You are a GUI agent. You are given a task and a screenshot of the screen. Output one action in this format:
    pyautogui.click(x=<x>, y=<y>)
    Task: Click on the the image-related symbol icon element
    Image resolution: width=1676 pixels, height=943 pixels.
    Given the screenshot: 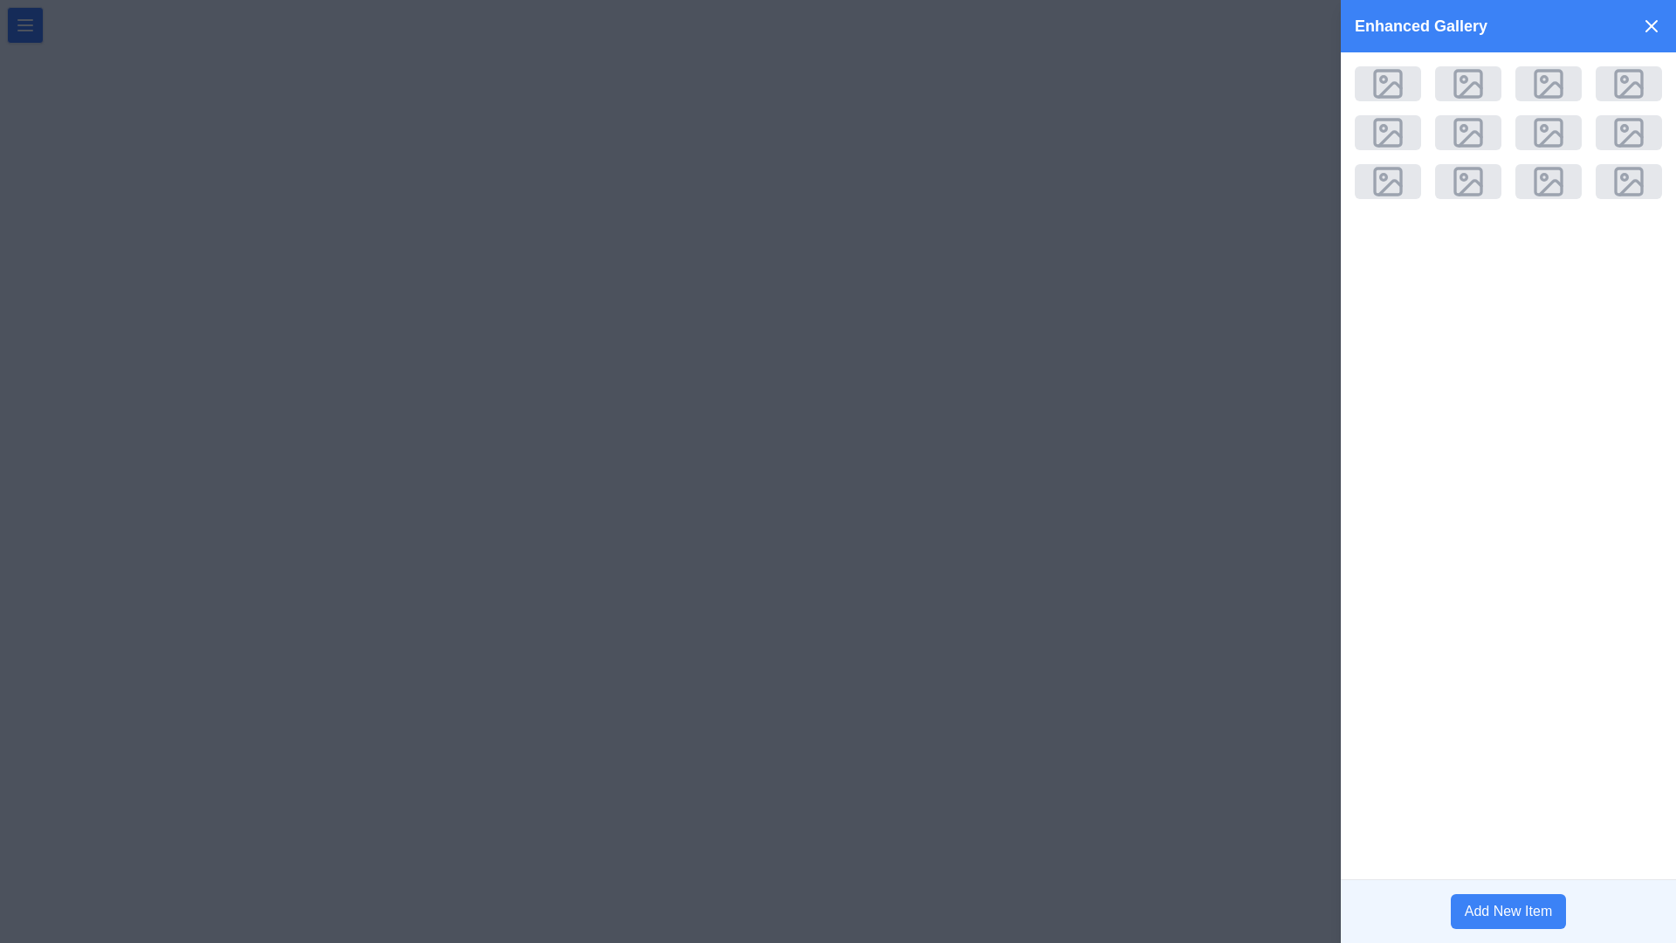 What is the action you would take?
    pyautogui.click(x=1386, y=182)
    